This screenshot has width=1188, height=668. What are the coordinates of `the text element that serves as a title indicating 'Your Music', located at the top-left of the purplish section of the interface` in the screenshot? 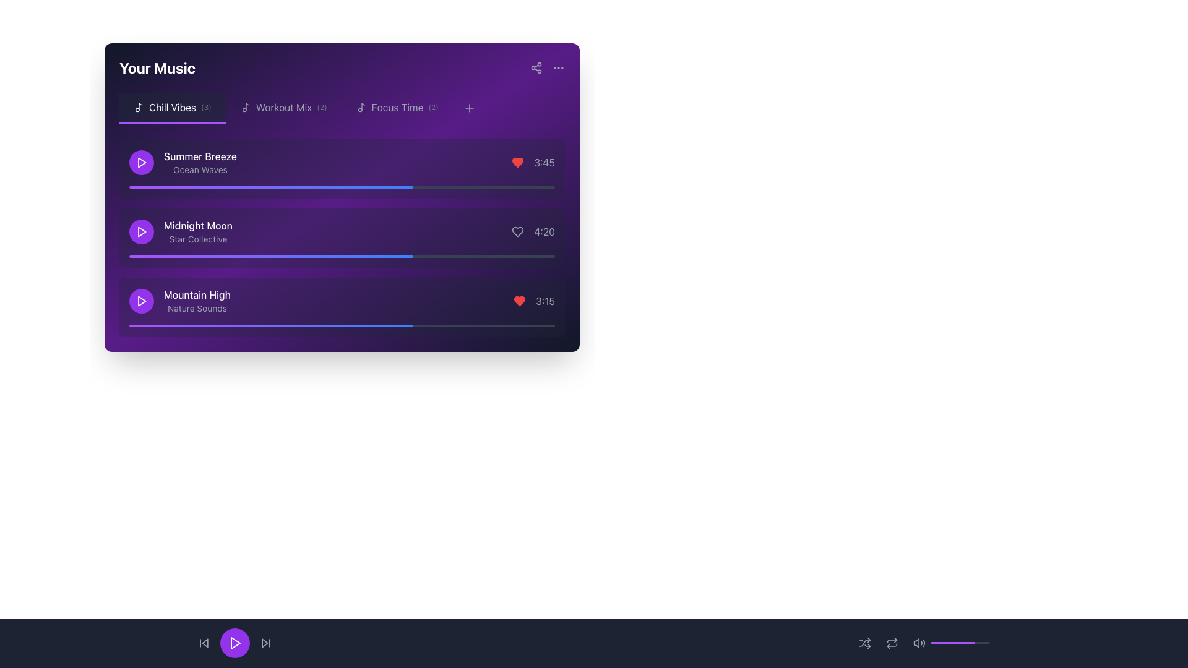 It's located at (157, 68).